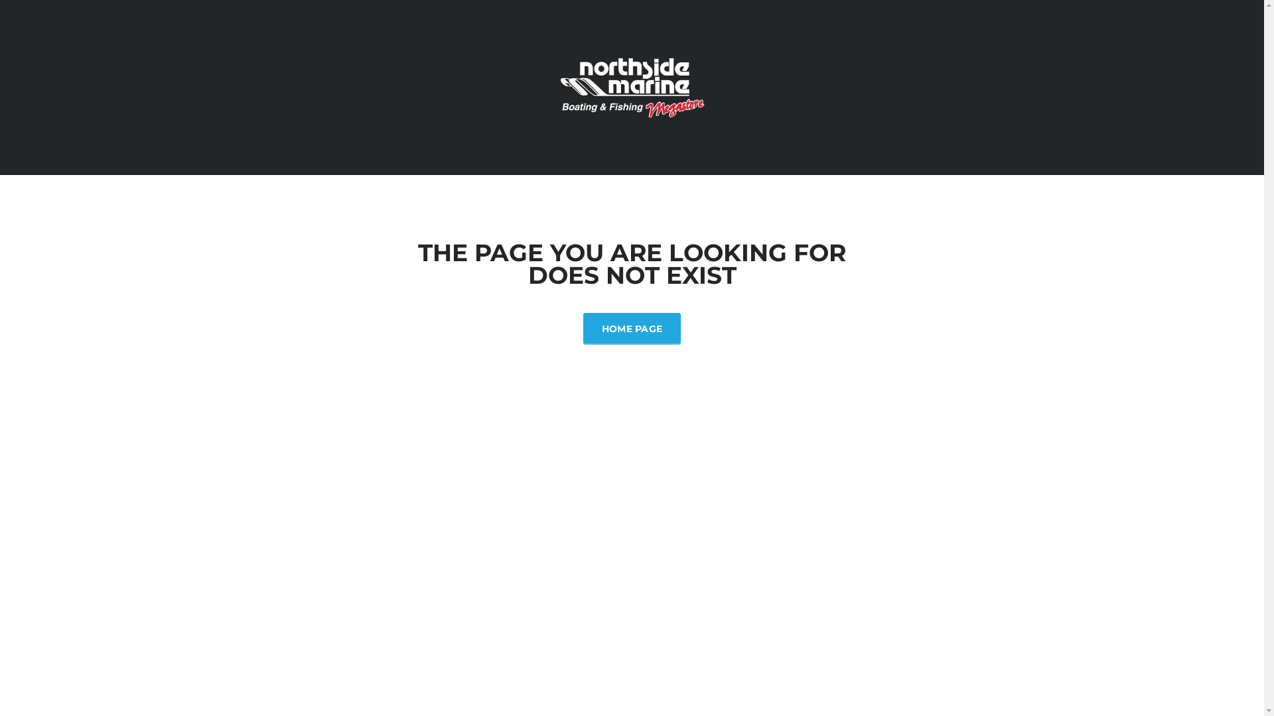  What do you see at coordinates (632, 328) in the screenshot?
I see `'HOME PAGE'` at bounding box center [632, 328].